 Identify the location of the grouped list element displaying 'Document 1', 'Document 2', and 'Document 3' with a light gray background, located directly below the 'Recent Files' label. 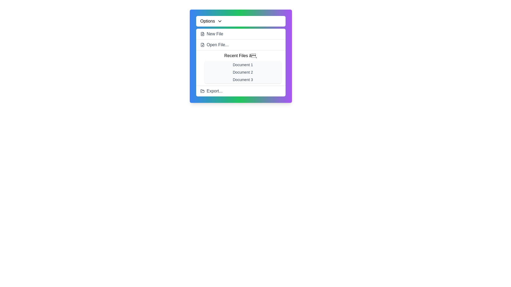
(242, 72).